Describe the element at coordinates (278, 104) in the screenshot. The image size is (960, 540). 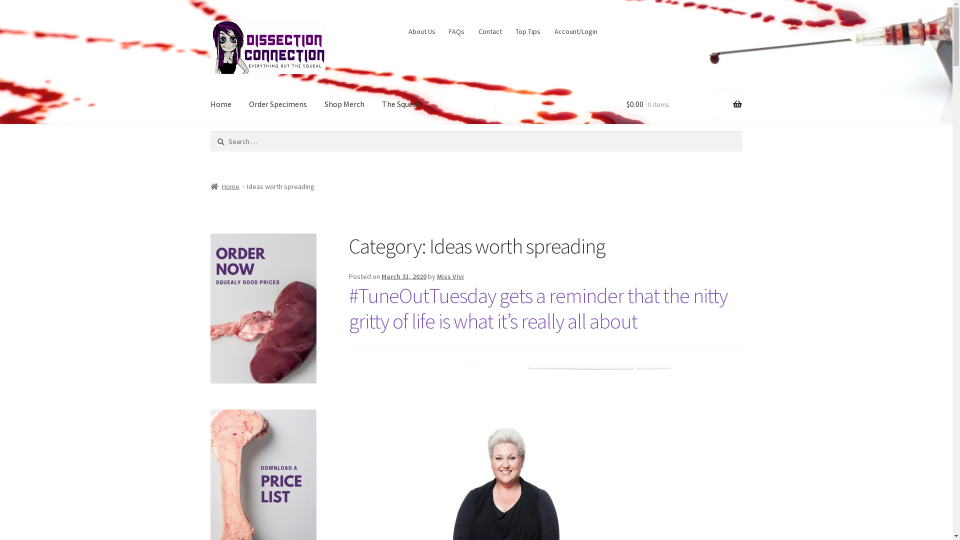
I see `'Order Specimens'` at that location.